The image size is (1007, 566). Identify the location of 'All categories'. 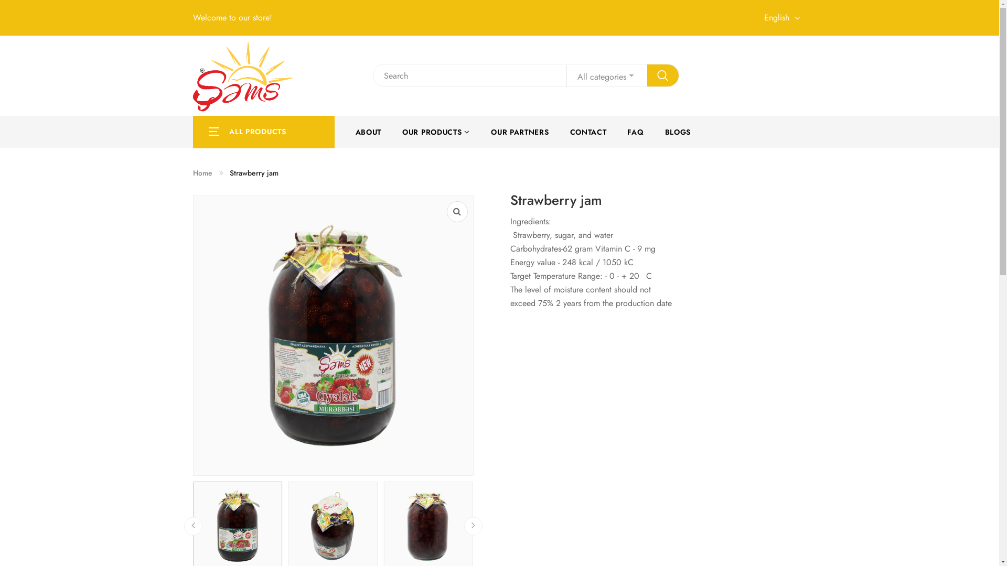
(606, 75).